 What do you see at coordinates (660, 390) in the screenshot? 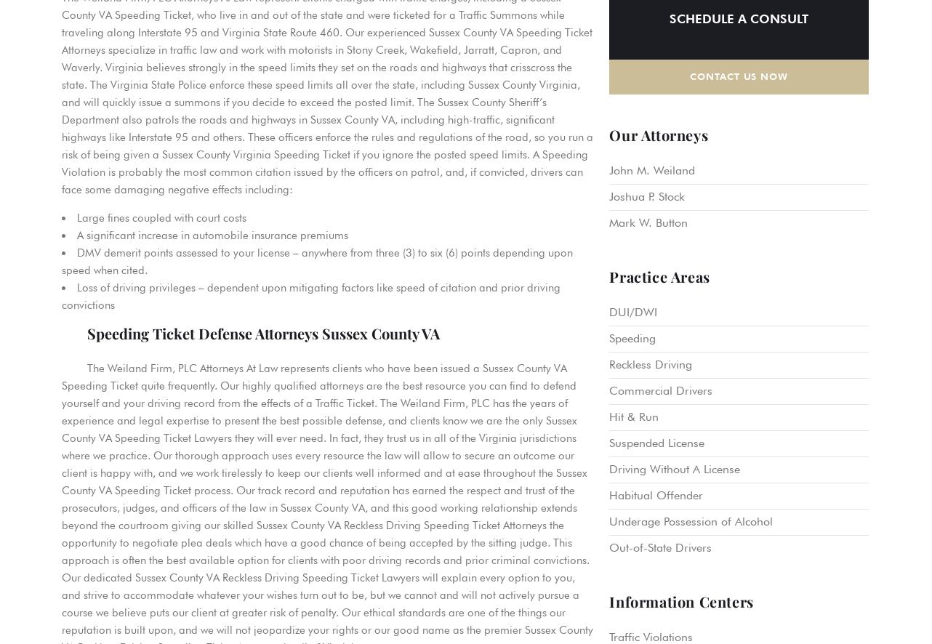
I see `'Commercial Drivers'` at bounding box center [660, 390].